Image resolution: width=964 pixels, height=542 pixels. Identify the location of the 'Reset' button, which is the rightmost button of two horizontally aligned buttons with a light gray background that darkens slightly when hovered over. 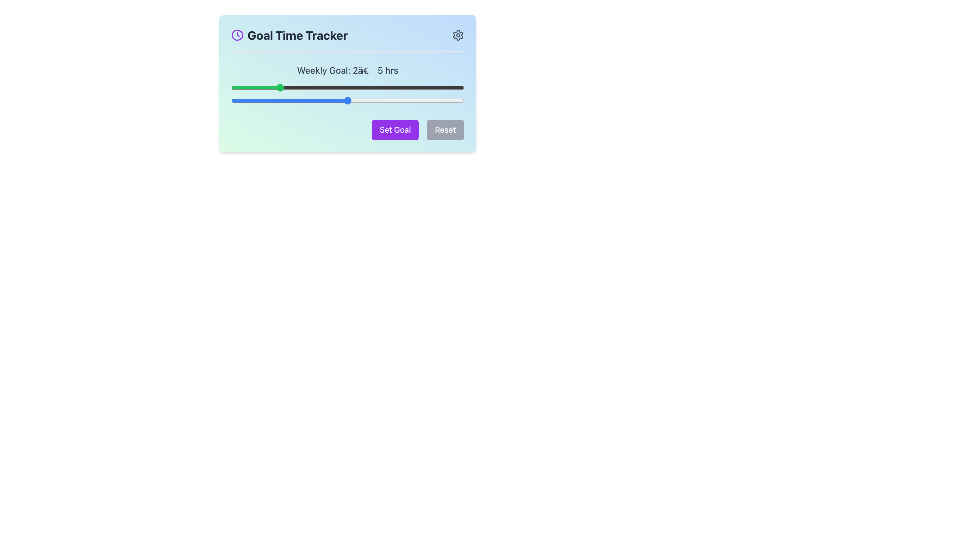
(445, 129).